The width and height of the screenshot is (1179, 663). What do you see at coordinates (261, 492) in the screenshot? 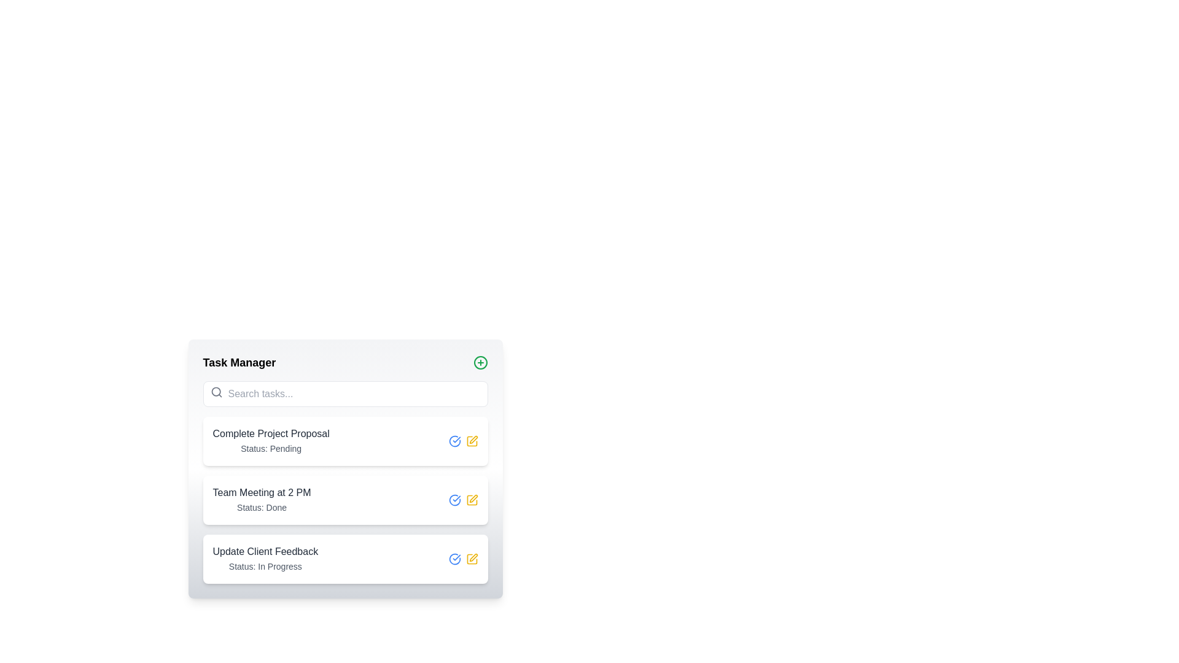
I see `the text label that reads 'Team Meeting at 2 PM' within the task manager interface` at bounding box center [261, 492].